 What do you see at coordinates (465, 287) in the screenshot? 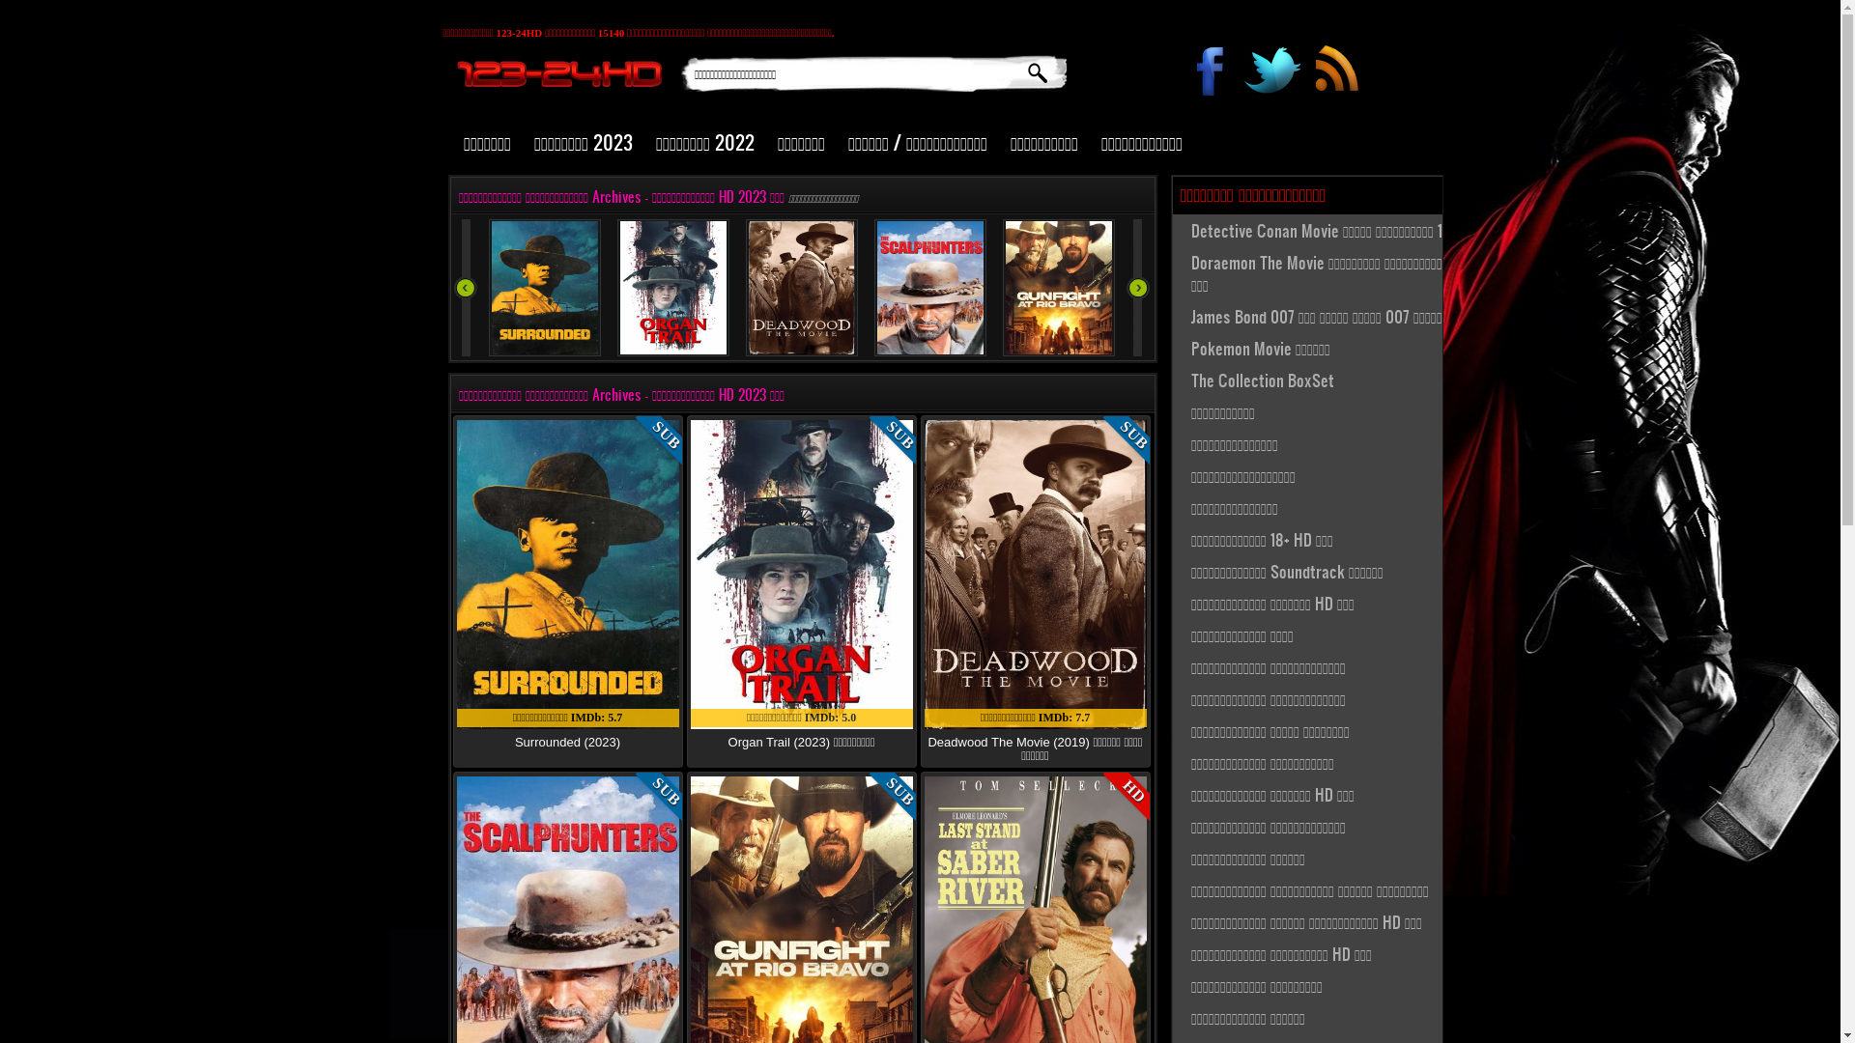
I see `'2 geri'` at bounding box center [465, 287].